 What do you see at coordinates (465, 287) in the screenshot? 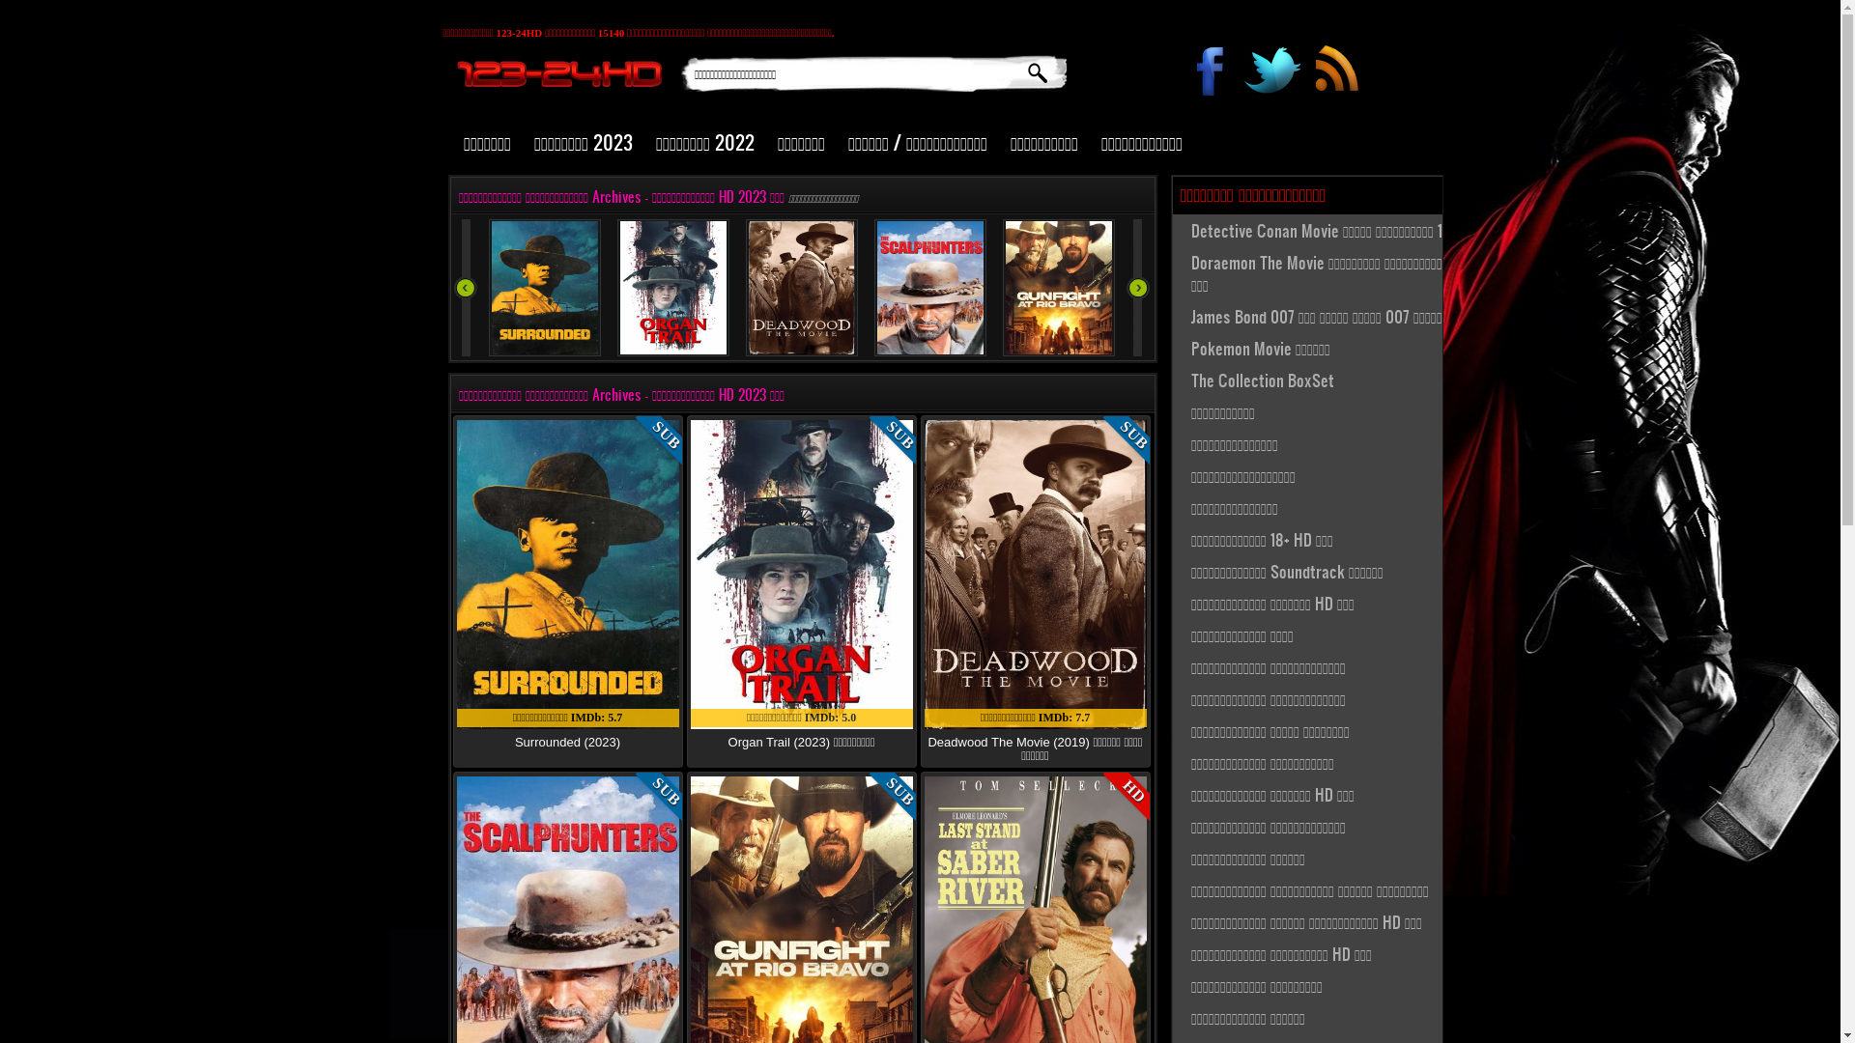
I see `'2 geri'` at bounding box center [465, 287].